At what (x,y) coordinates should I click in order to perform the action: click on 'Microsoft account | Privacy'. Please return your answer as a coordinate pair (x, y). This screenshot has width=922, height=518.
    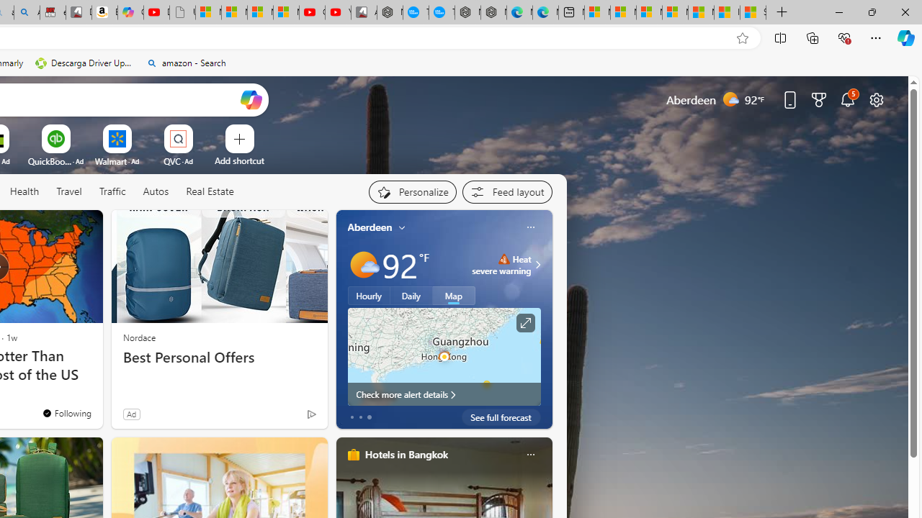
    Looking at the image, I should click on (674, 12).